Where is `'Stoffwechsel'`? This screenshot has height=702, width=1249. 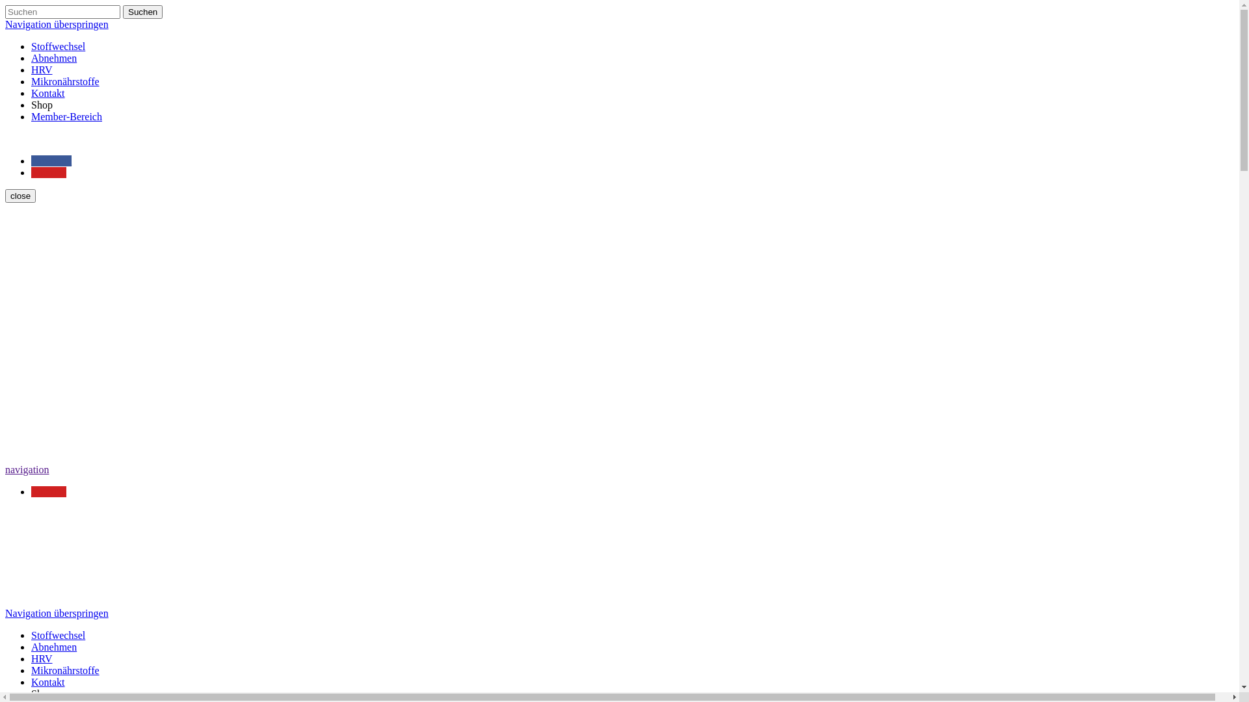 'Stoffwechsel' is located at coordinates (57, 45).